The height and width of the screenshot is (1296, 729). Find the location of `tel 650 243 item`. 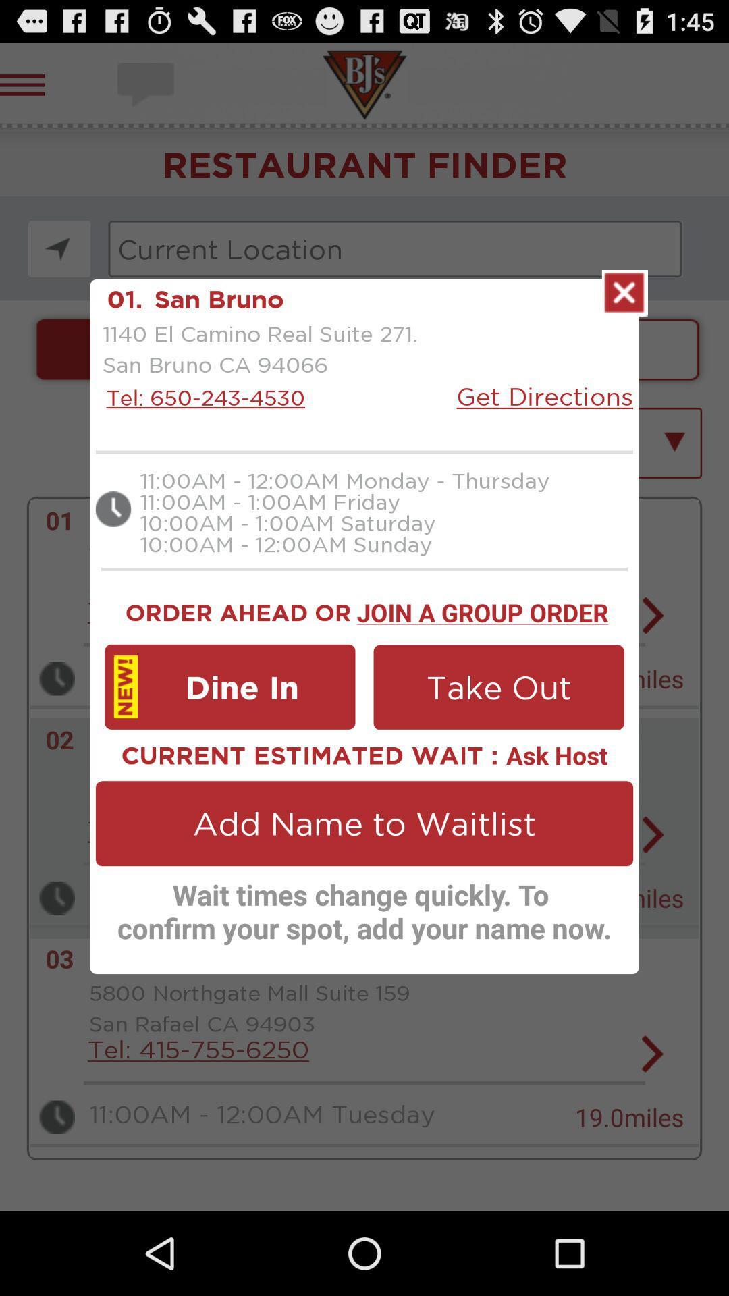

tel 650 243 item is located at coordinates (202, 397).